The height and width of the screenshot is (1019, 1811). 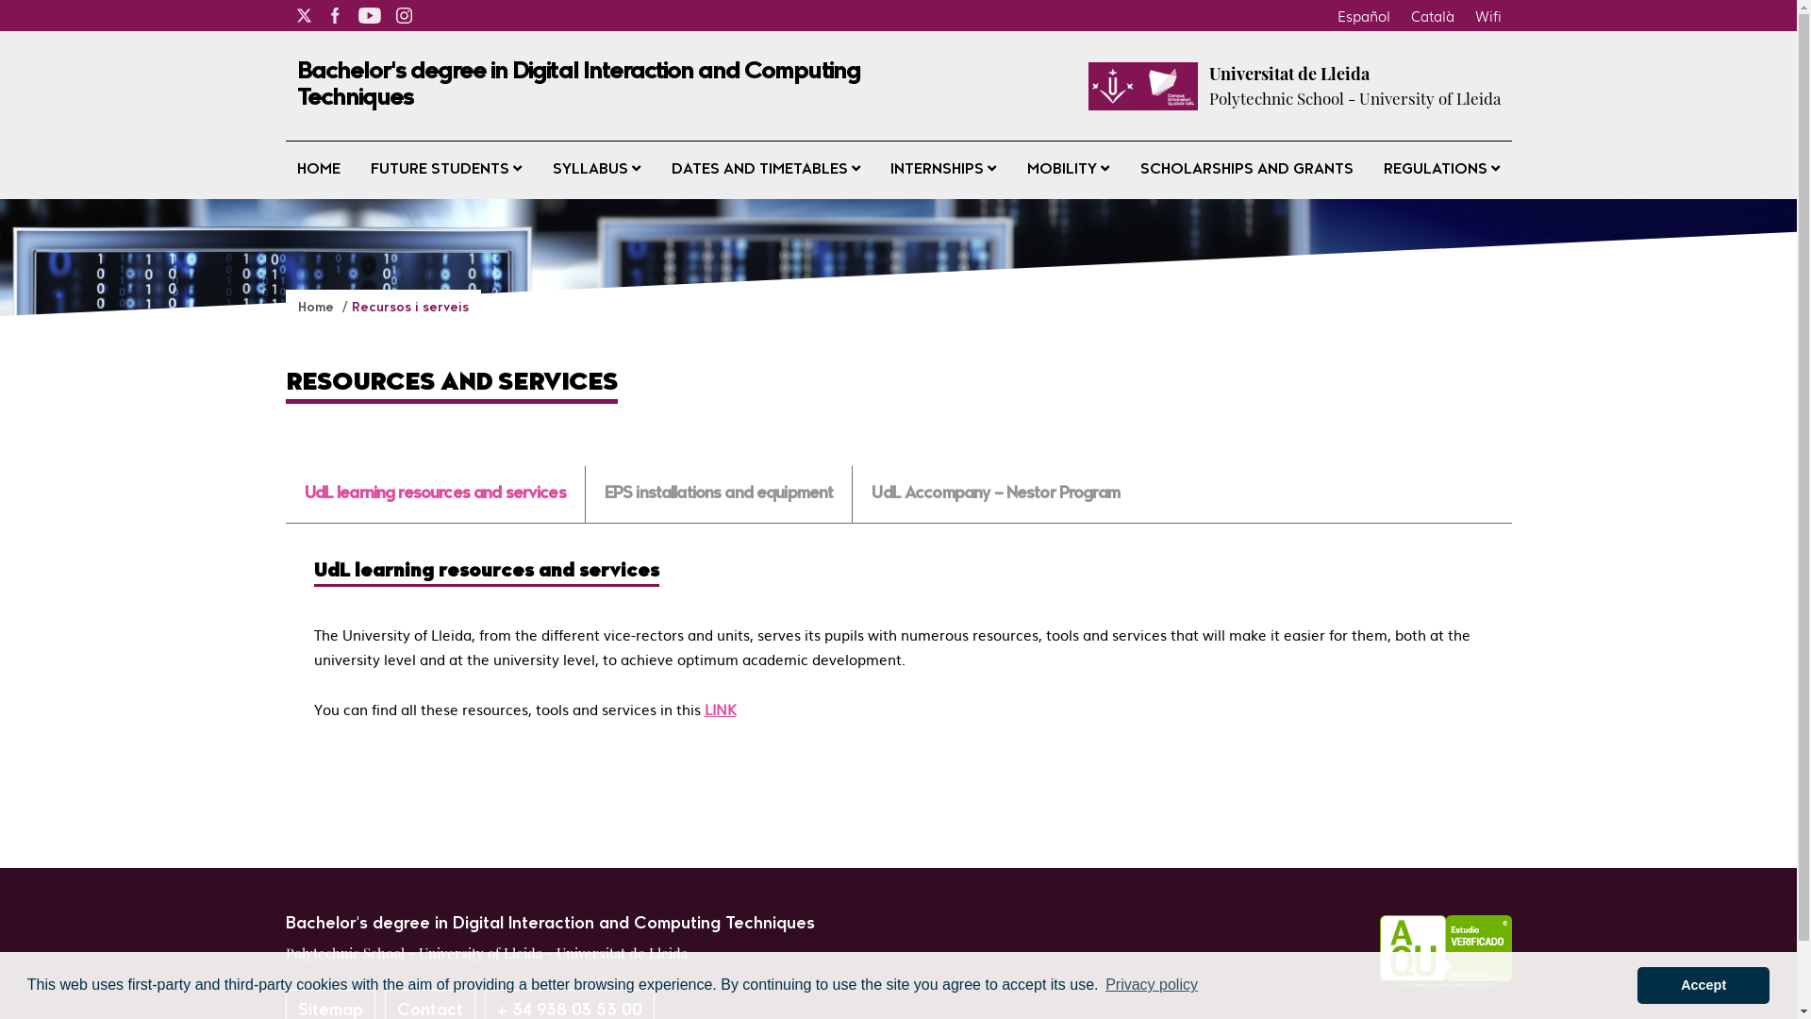 What do you see at coordinates (1150, 984) in the screenshot?
I see `'Privacy policy'` at bounding box center [1150, 984].